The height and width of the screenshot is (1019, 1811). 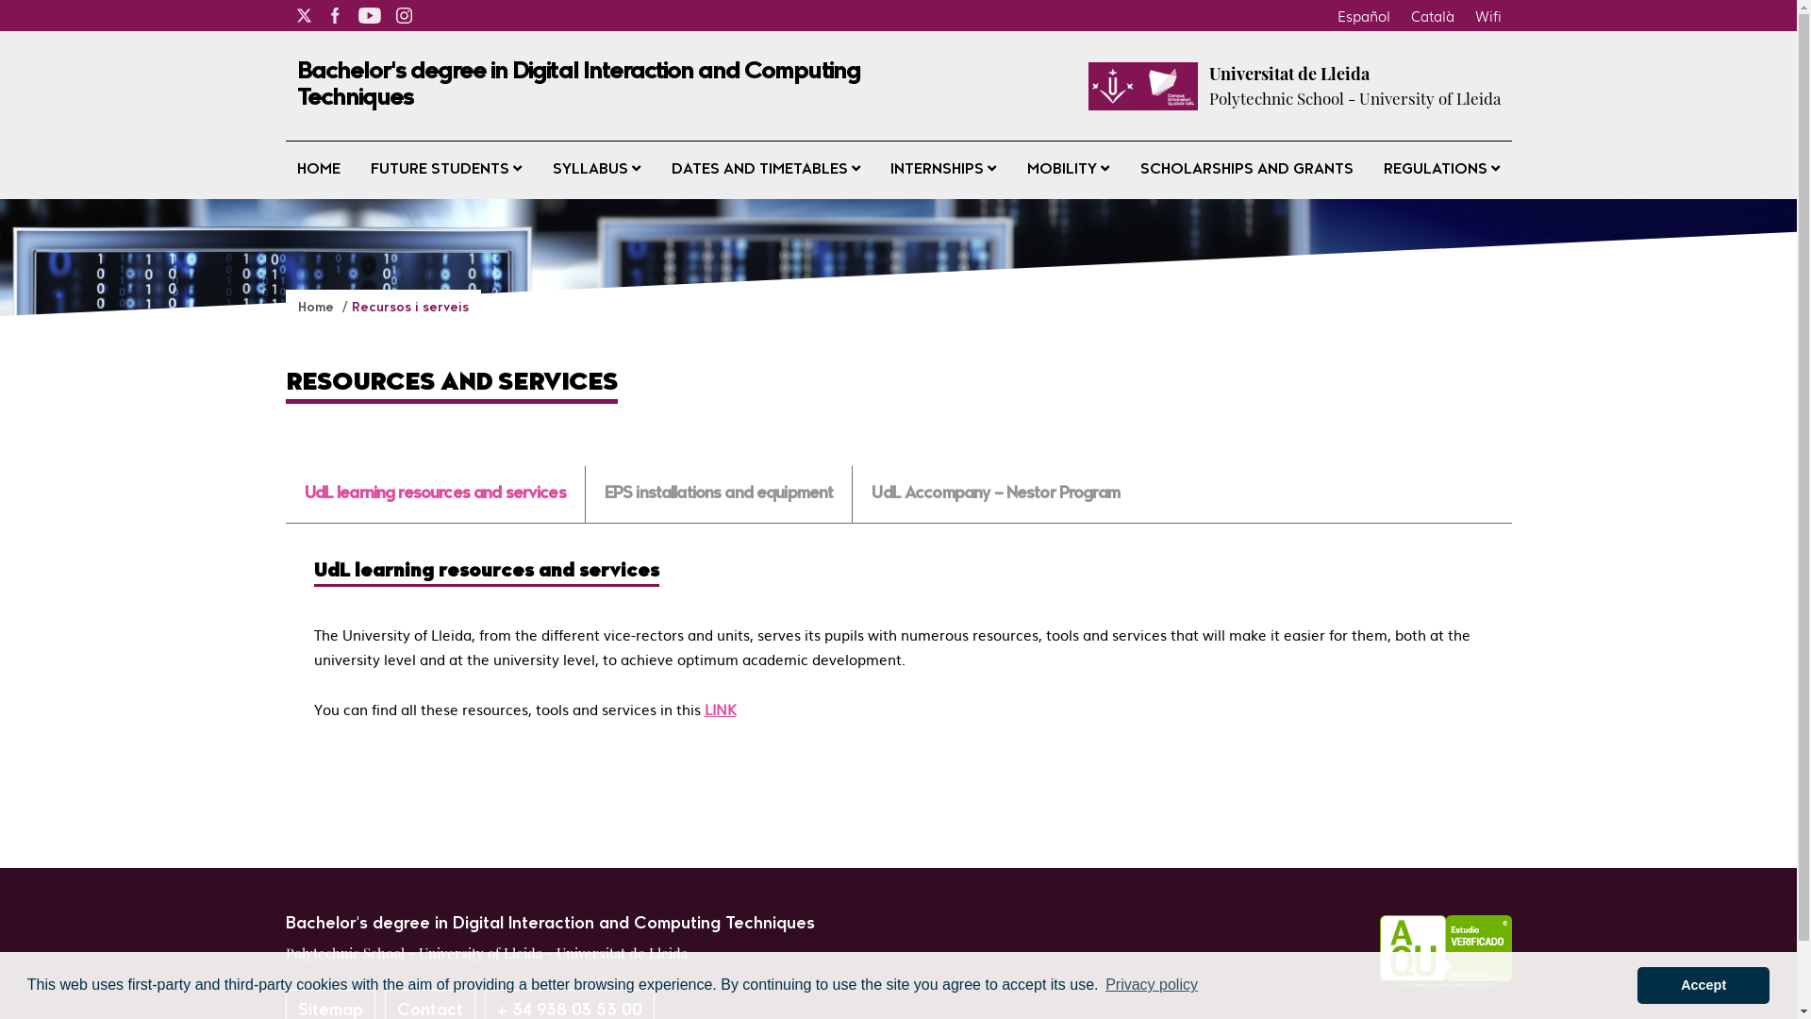 What do you see at coordinates (1150, 984) in the screenshot?
I see `'Privacy policy'` at bounding box center [1150, 984].